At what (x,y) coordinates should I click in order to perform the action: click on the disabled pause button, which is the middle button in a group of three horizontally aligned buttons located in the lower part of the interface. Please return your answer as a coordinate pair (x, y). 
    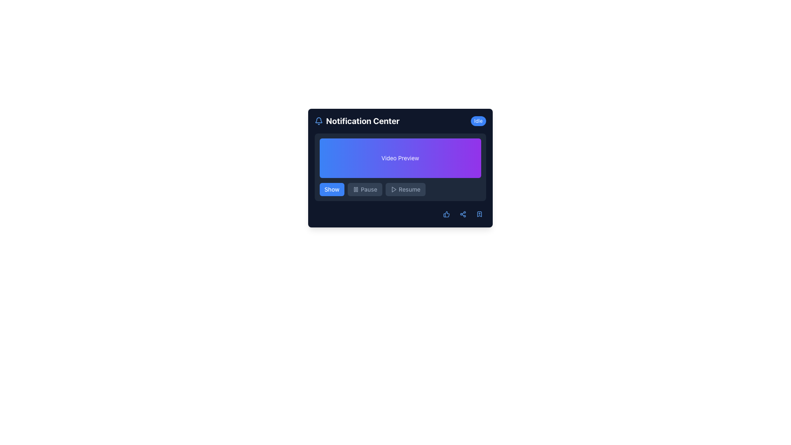
    Looking at the image, I should click on (364, 189).